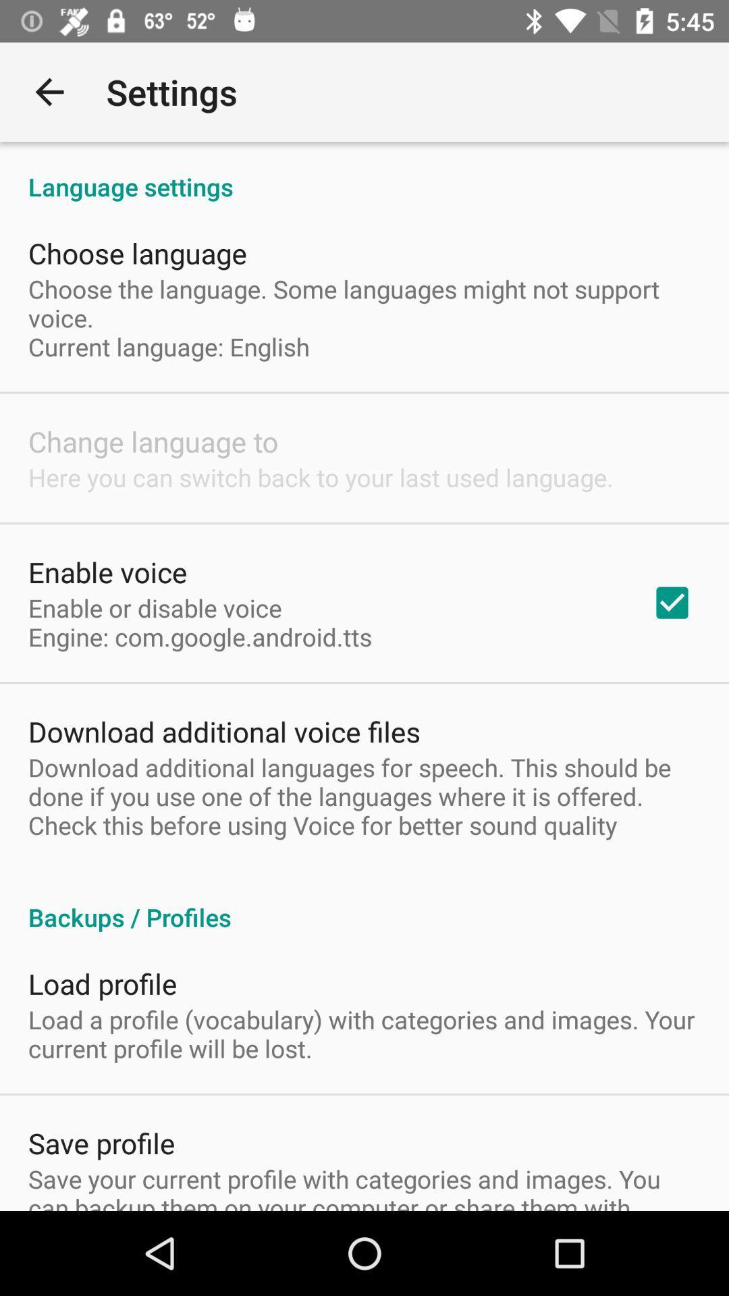  I want to click on the app below the choose the language icon, so click(672, 602).